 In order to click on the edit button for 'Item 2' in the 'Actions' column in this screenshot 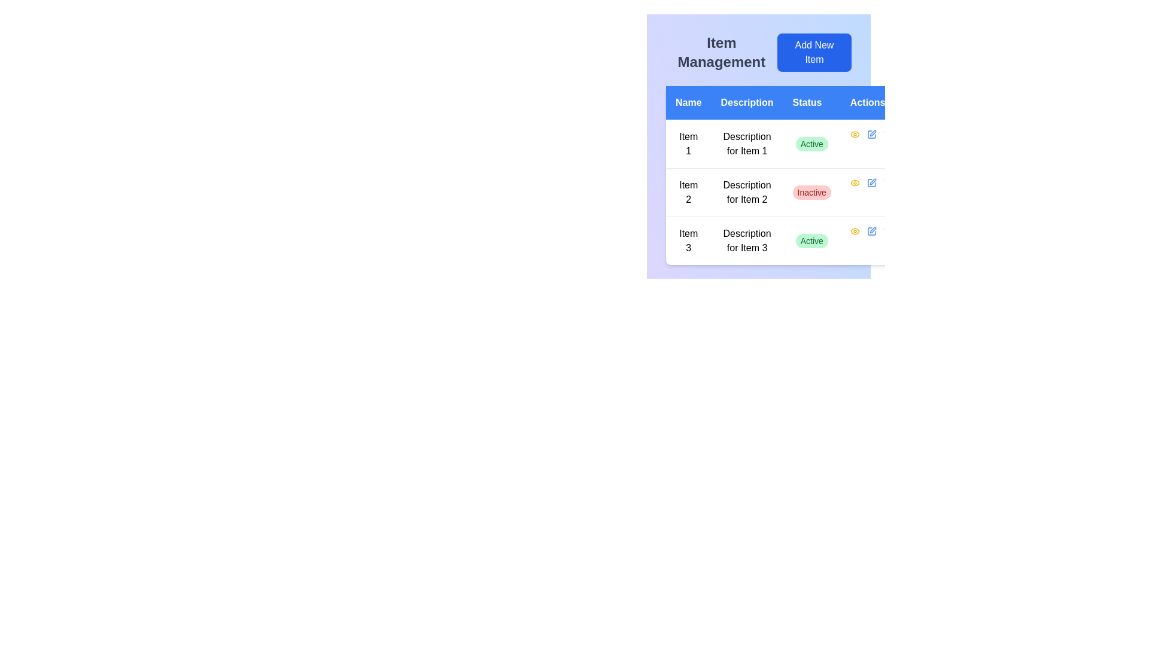, I will do `click(871, 134)`.